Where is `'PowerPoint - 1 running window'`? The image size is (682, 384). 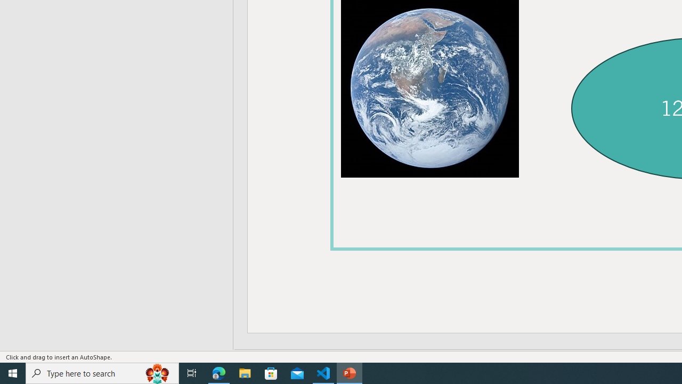 'PowerPoint - 1 running window' is located at coordinates (350, 372).